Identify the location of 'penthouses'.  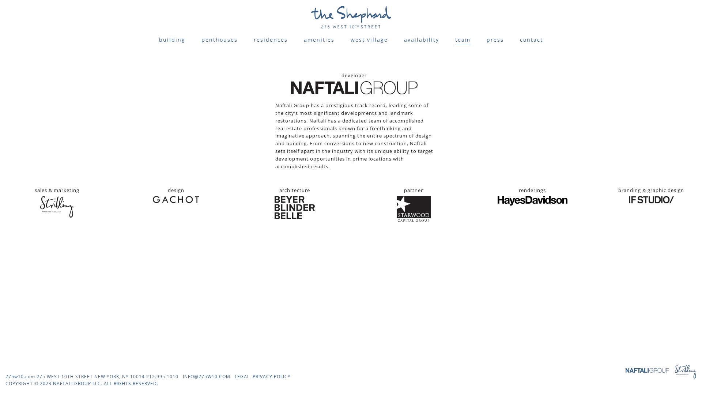
(219, 39).